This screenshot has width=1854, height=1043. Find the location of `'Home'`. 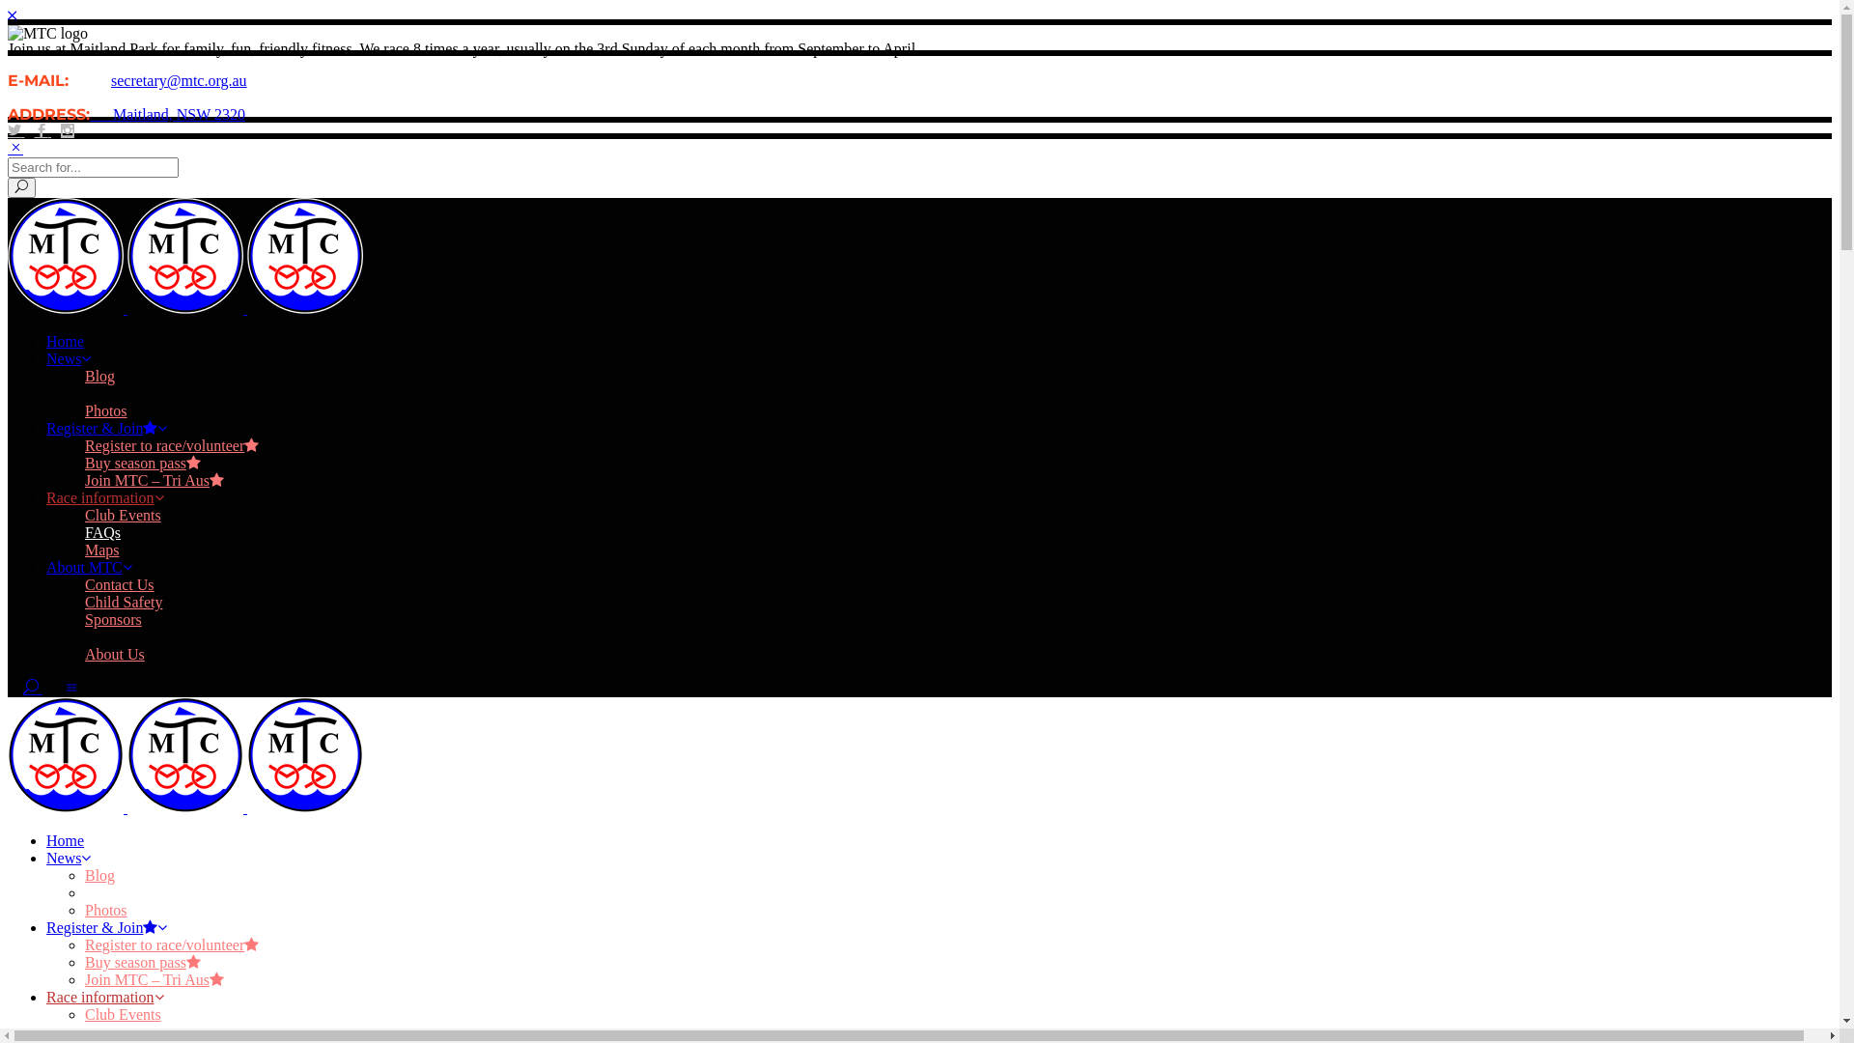

'Home' is located at coordinates (65, 340).